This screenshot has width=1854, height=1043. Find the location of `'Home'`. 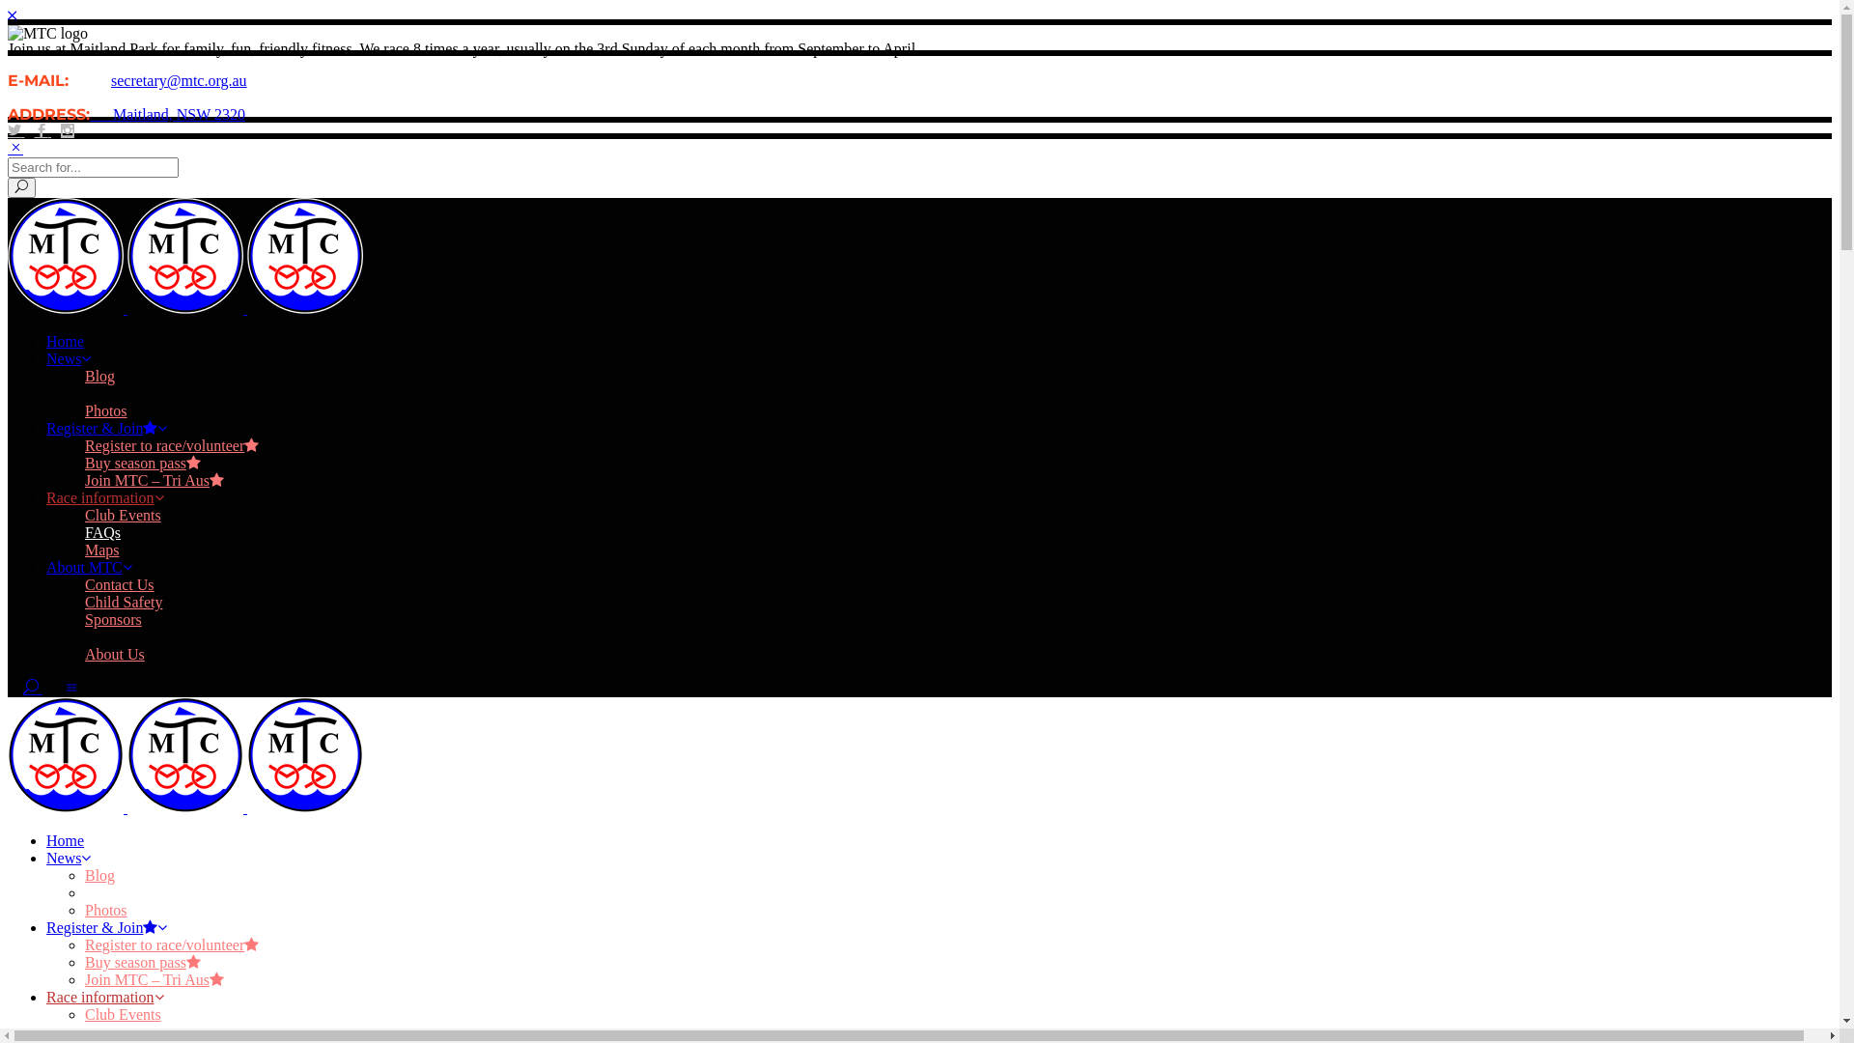

'Home' is located at coordinates (65, 340).